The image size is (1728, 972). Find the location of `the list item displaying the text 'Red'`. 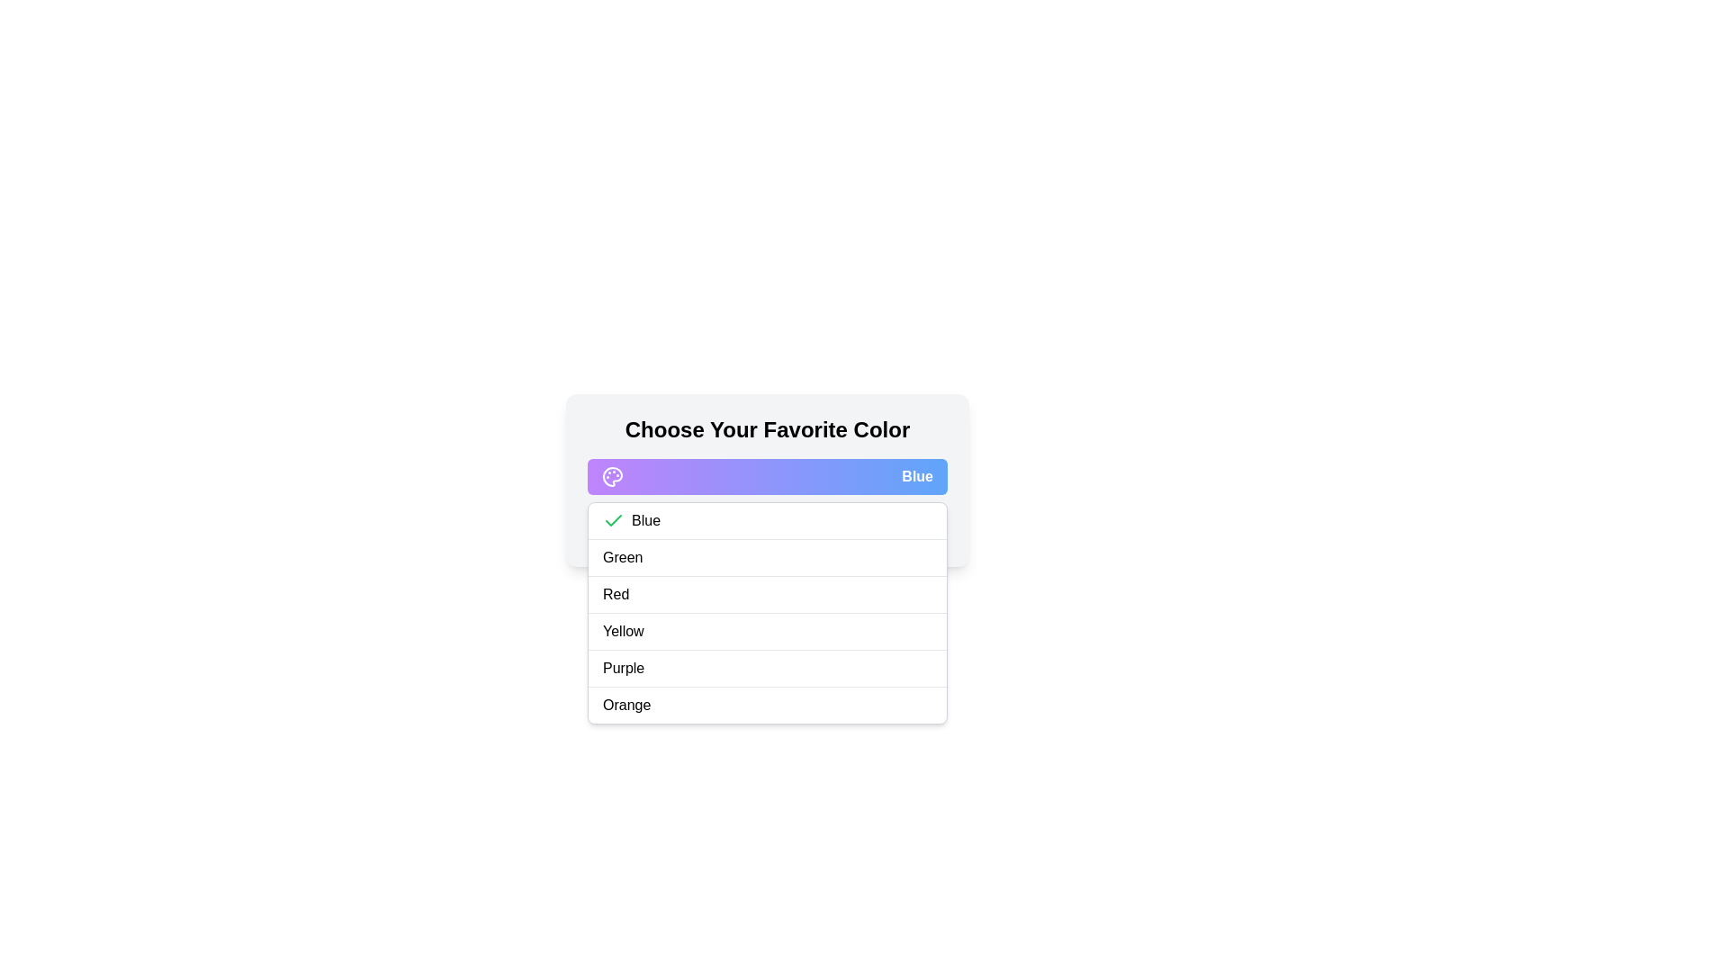

the list item displaying the text 'Red' is located at coordinates (768, 612).